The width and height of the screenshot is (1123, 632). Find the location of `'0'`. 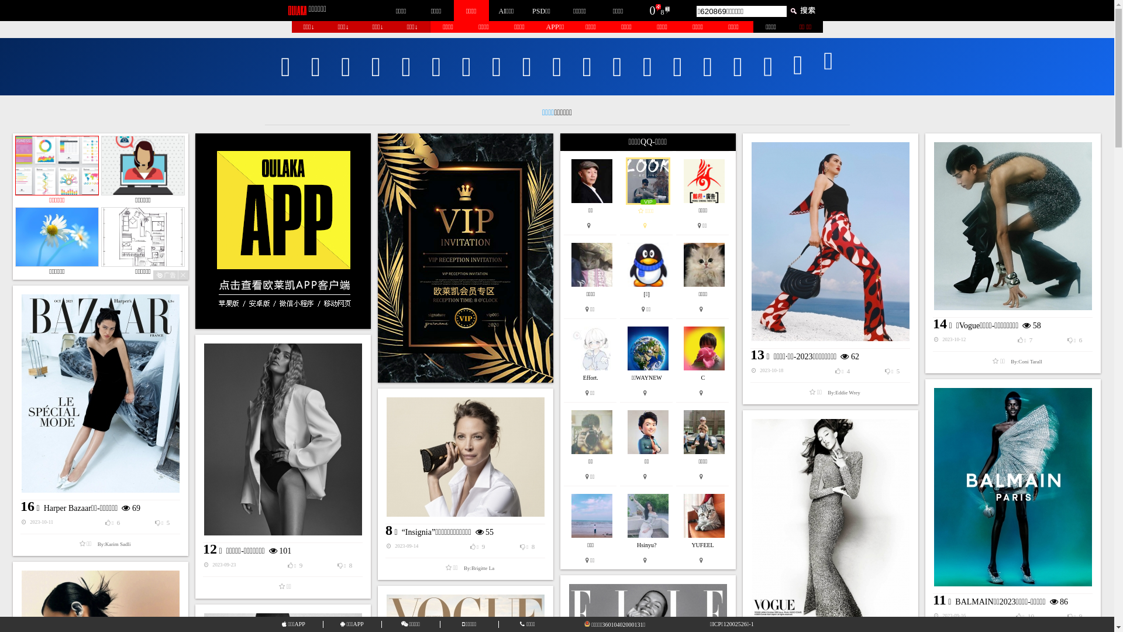

'0' is located at coordinates (651, 11).